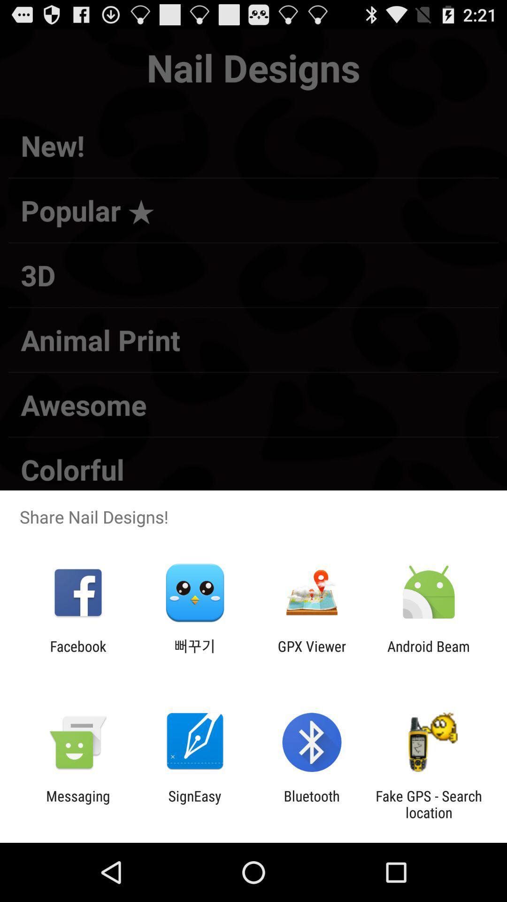 The height and width of the screenshot is (902, 507). Describe the element at coordinates (312, 654) in the screenshot. I see `item next to the android beam` at that location.